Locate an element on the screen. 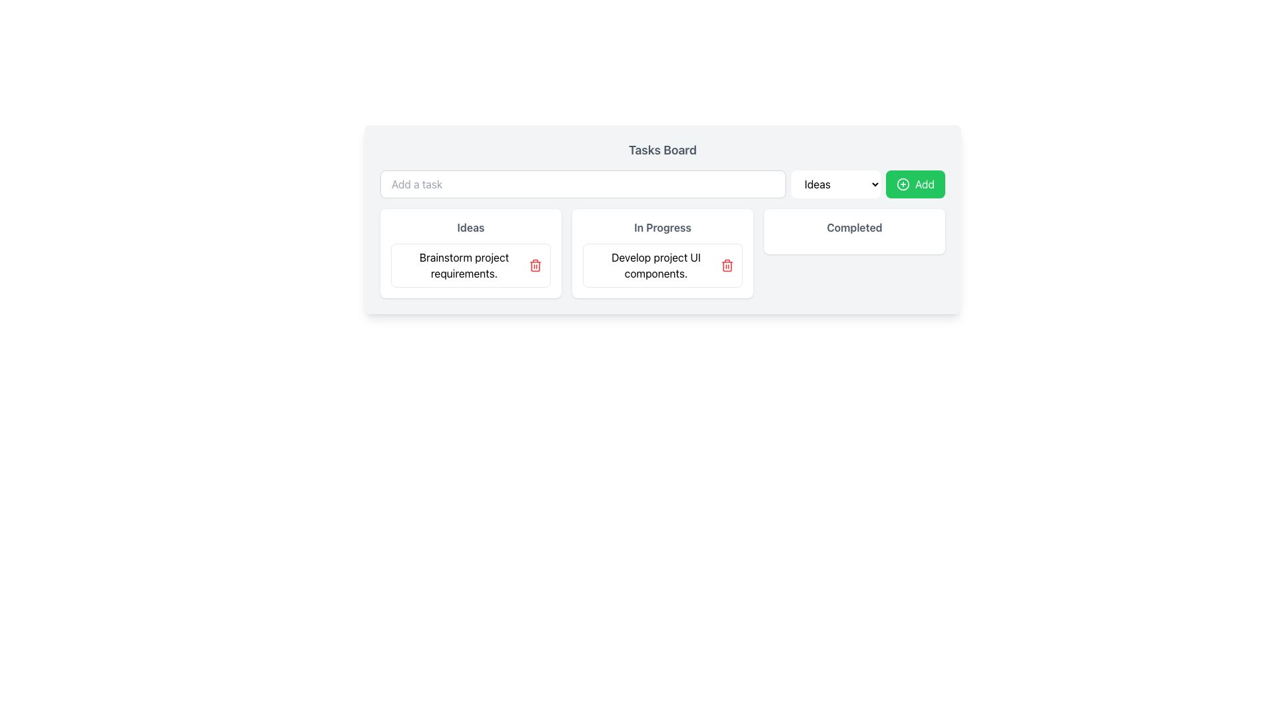 This screenshot has width=1279, height=719. the circular icon inside the 'Add' button located at the top-right corner of the task board interface to initiate the 'Add' action is located at coordinates (903, 184).